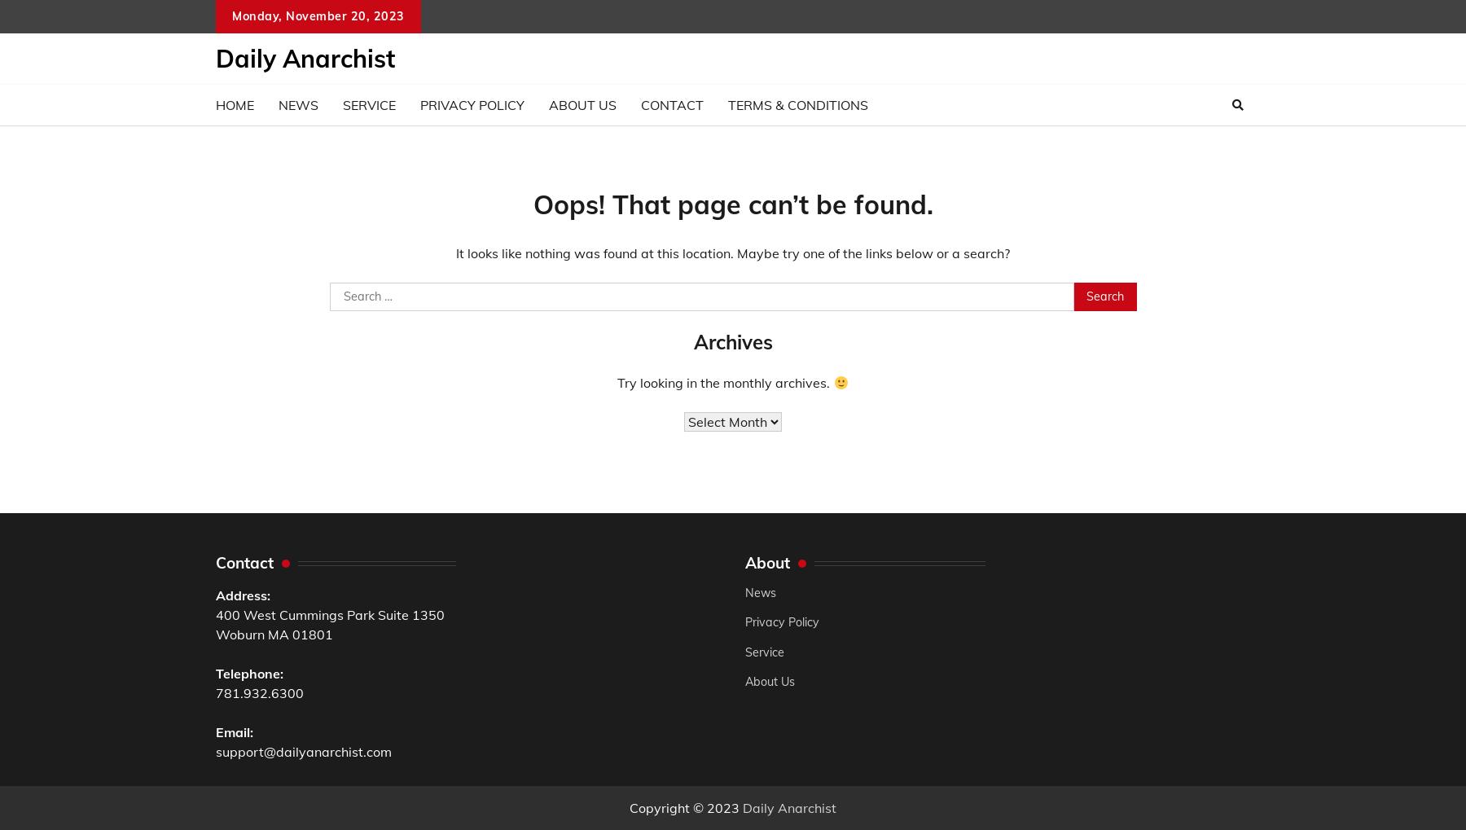 The image size is (1466, 830). Describe the element at coordinates (248, 674) in the screenshot. I see `'Telephone:'` at that location.